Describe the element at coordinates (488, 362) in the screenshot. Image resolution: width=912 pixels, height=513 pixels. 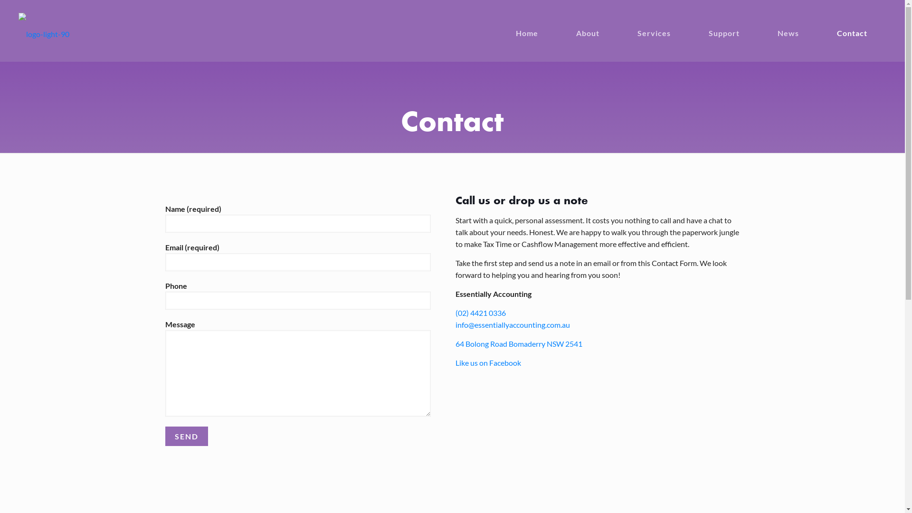
I see `'Like us on Facebook'` at that location.